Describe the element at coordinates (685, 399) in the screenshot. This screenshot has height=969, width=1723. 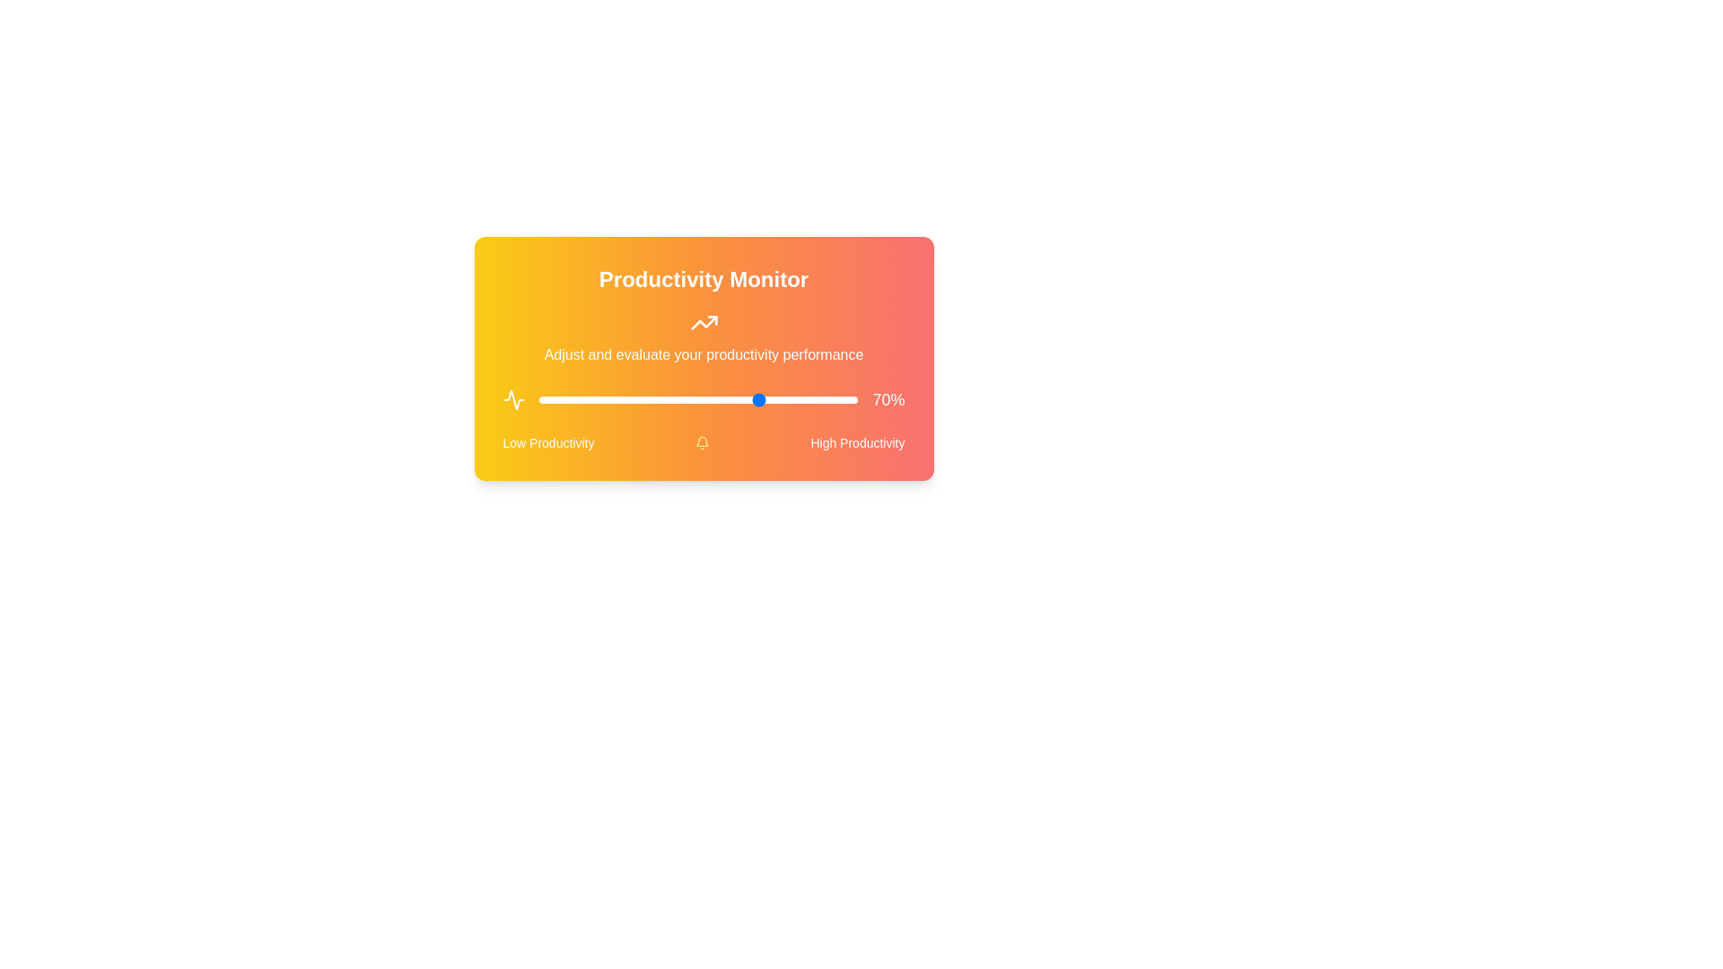
I see `the slider to set the productivity value to 46` at that location.